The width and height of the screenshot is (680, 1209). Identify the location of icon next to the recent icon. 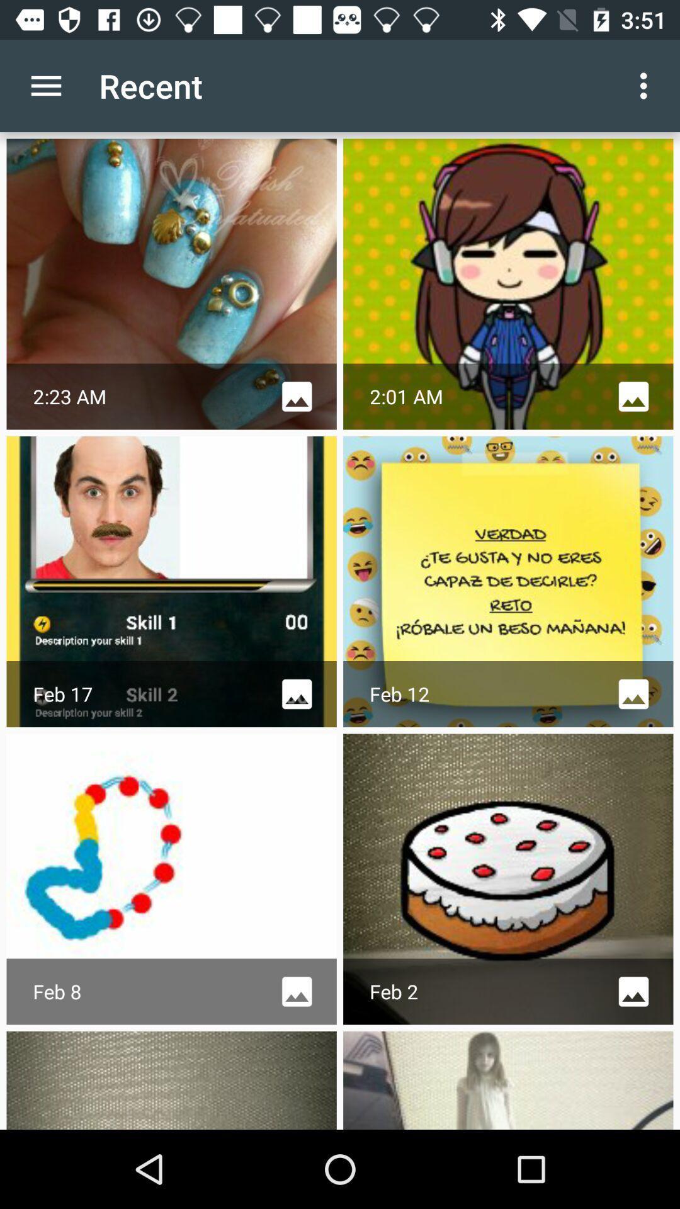
(647, 85).